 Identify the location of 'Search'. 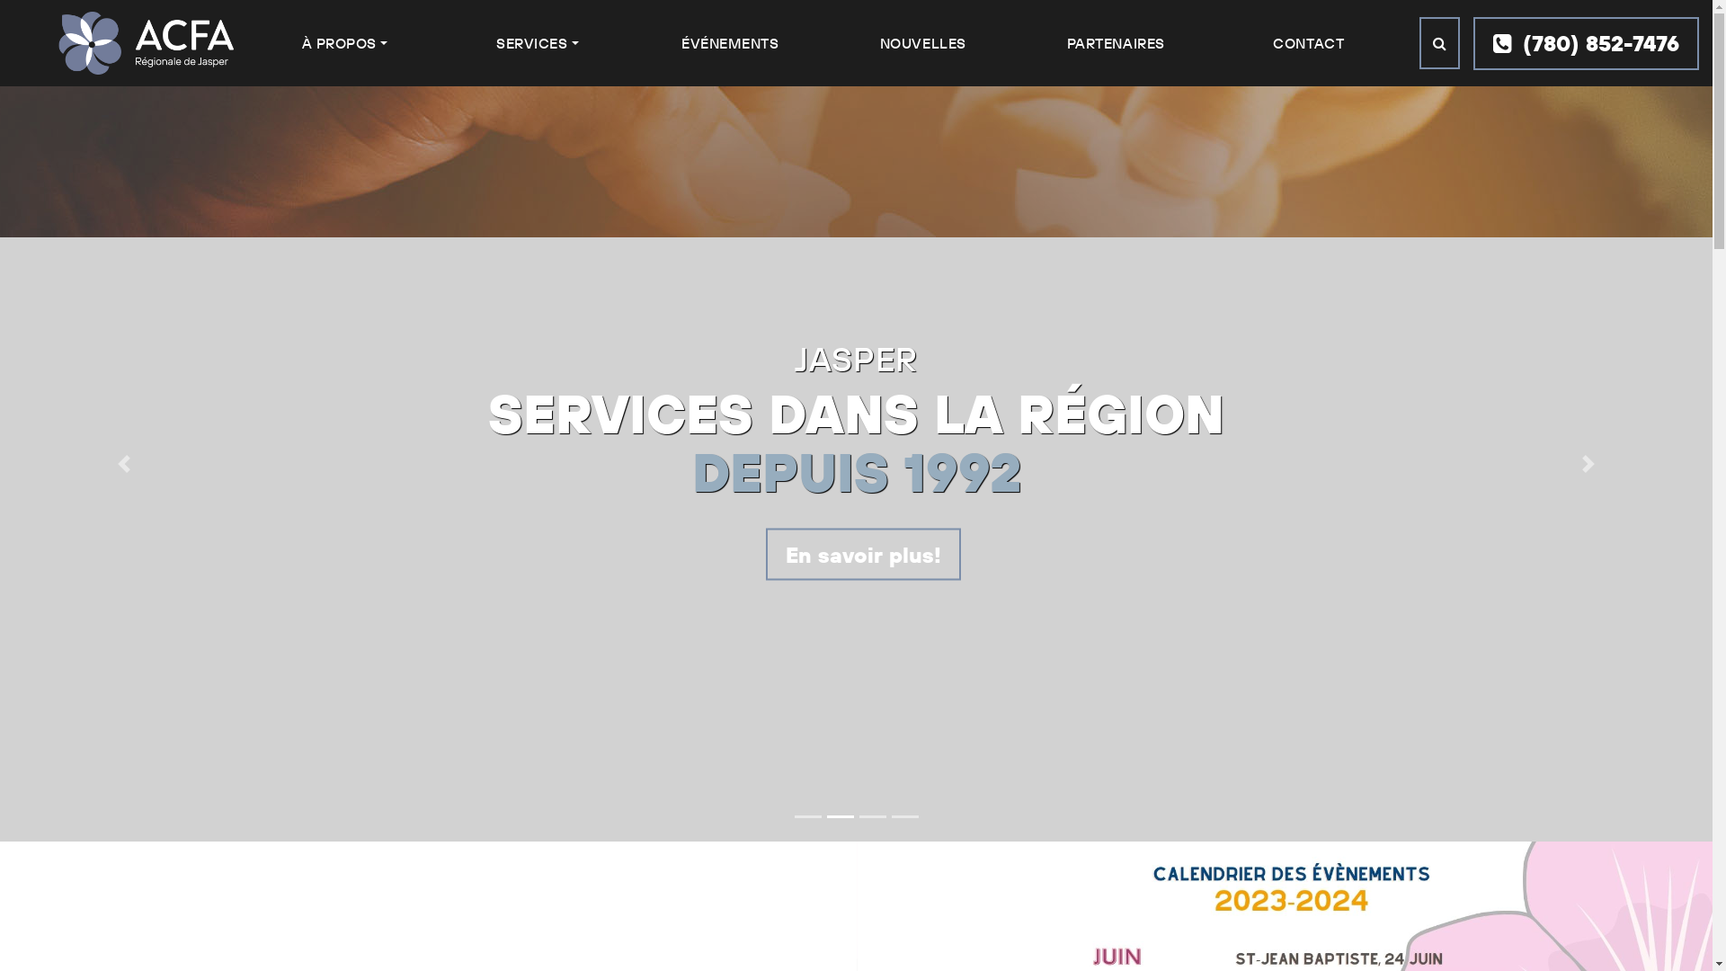
(1439, 41).